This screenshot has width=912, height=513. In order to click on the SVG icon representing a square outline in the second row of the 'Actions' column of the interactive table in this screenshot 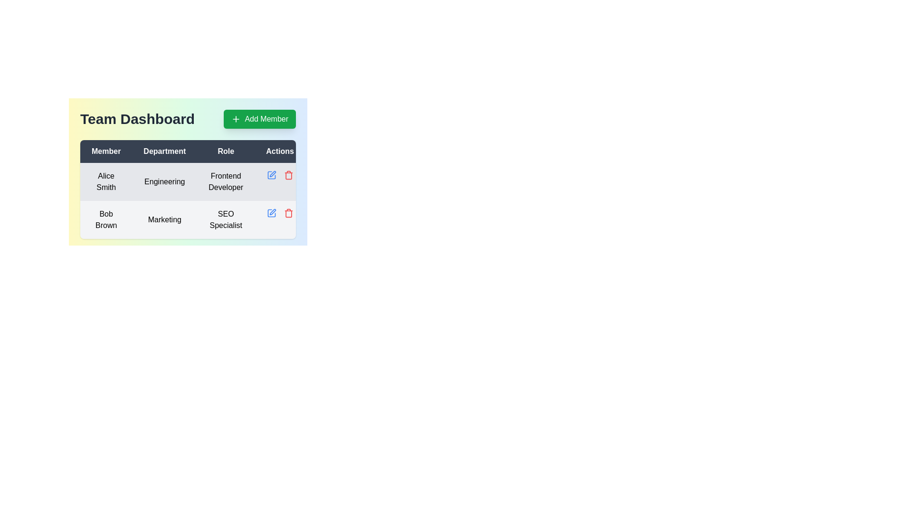, I will do `click(271, 175)`.